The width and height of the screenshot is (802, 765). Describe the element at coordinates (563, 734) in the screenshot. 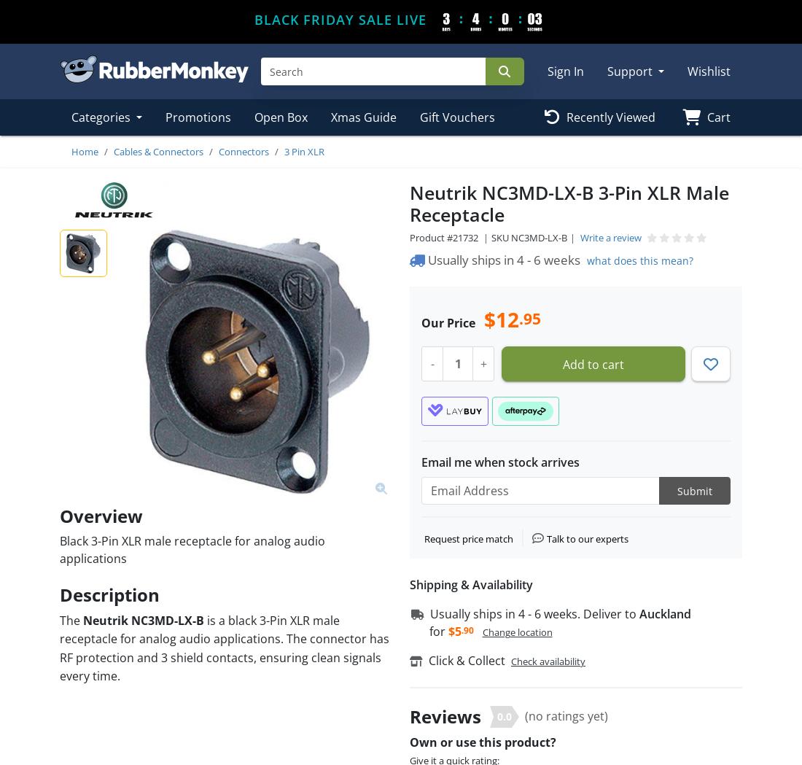

I see `'If you have any queries please feel free to get in contact with our friendly team.'` at that location.